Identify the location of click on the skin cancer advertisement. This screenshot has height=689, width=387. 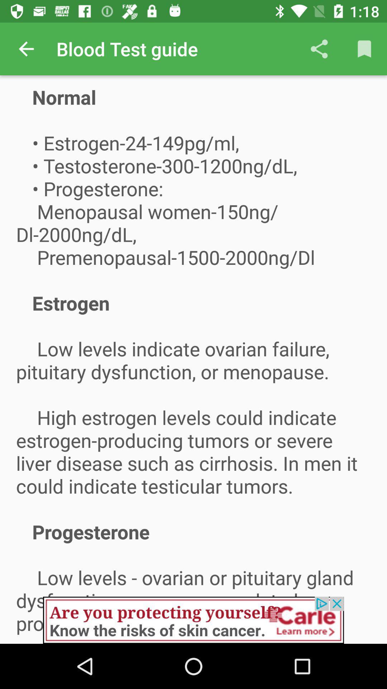
(193, 620).